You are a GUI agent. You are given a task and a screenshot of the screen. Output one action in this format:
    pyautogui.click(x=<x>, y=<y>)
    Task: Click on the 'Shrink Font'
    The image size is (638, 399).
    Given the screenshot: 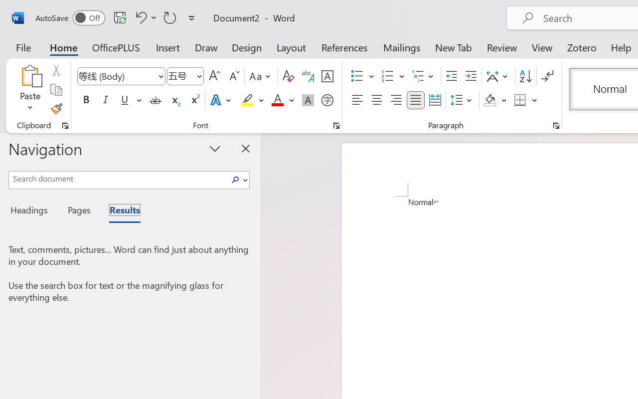 What is the action you would take?
    pyautogui.click(x=233, y=76)
    